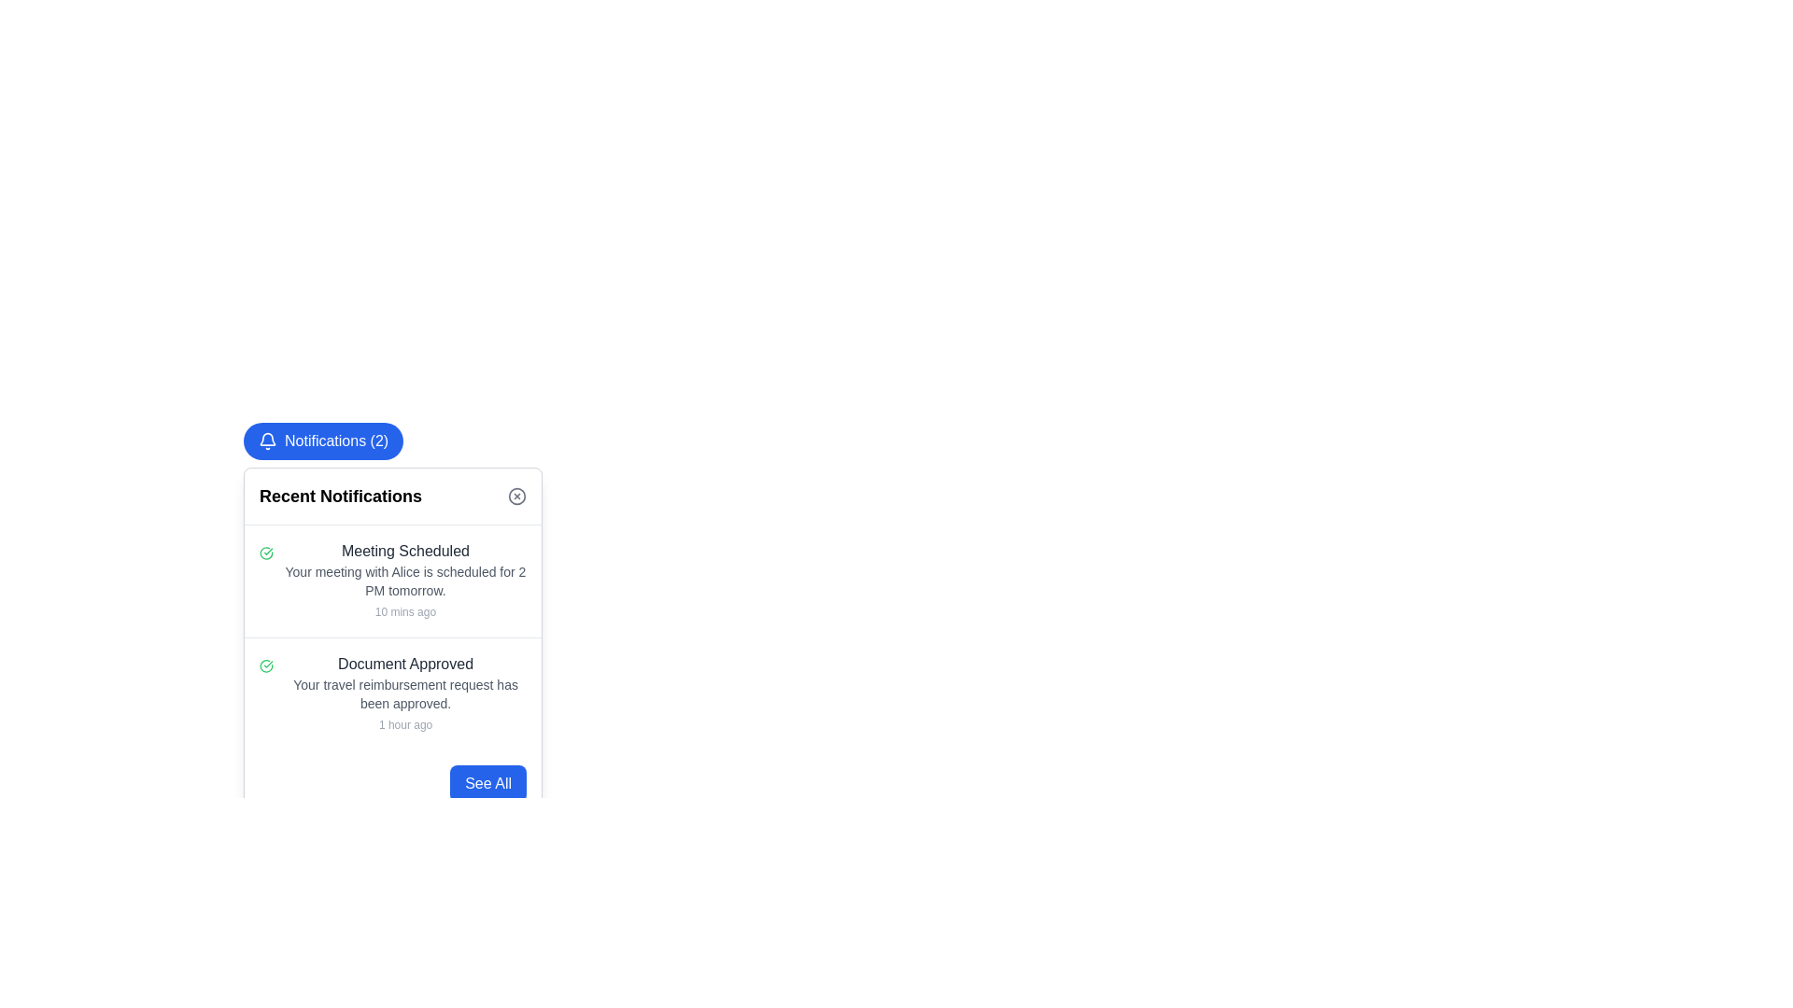 This screenshot has height=1008, width=1793. What do you see at coordinates (267, 441) in the screenshot?
I see `the bell-shaped notification icon with a blue background and white outline located to the left of the 'Notifications (2)' button` at bounding box center [267, 441].